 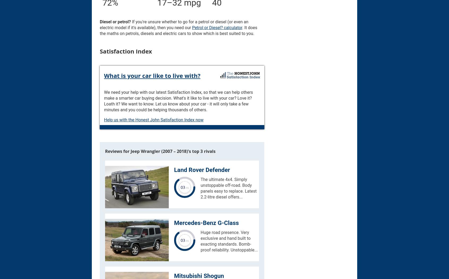 I want to click on 'The ultimate 4x4. Simply unstoppable off-road. Body panels easy to replace. Latest 2.2-litre diesel offers...', so click(x=228, y=188).